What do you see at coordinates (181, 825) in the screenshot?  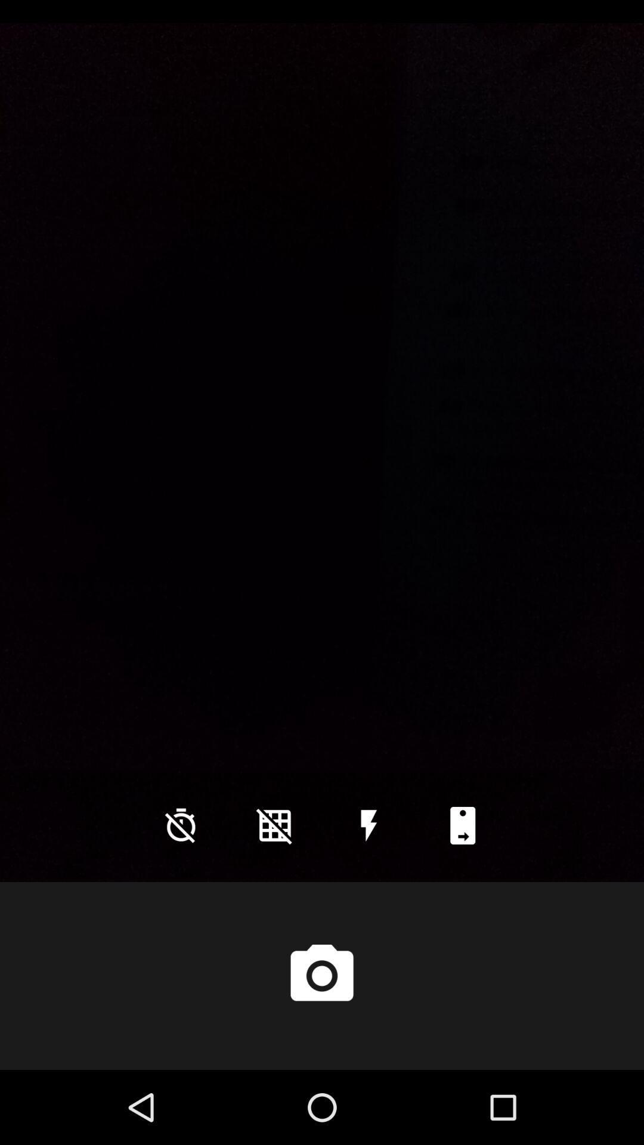 I see `the time icon` at bounding box center [181, 825].